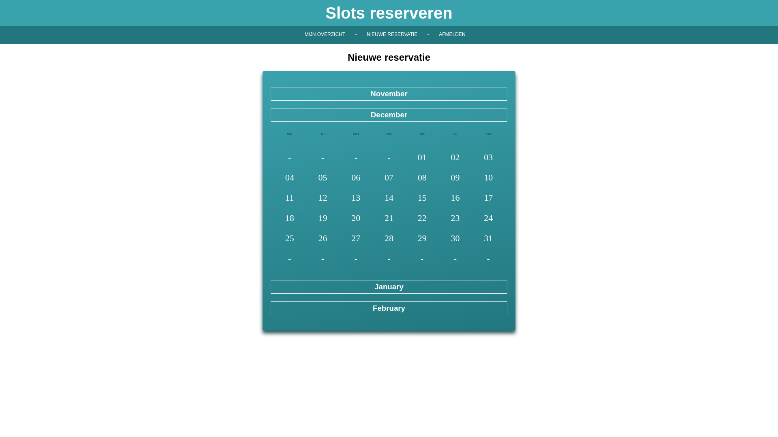 The image size is (778, 437). I want to click on '12', so click(322, 198).